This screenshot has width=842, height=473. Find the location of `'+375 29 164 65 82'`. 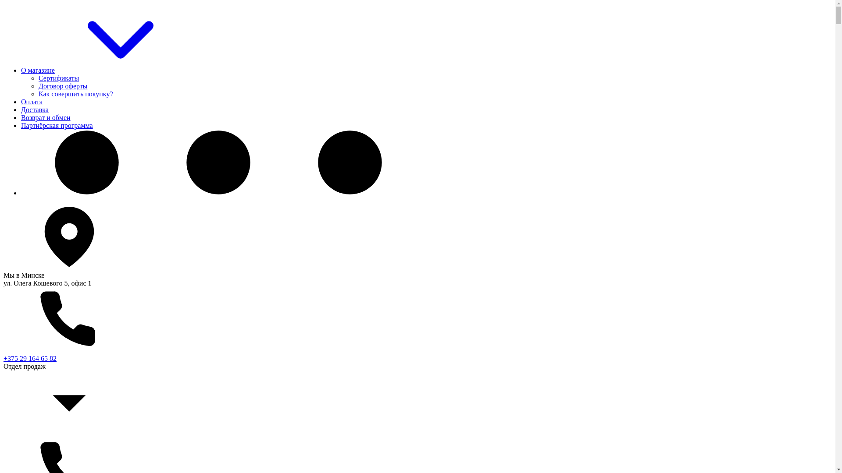

'+375 29 164 65 82' is located at coordinates (30, 358).